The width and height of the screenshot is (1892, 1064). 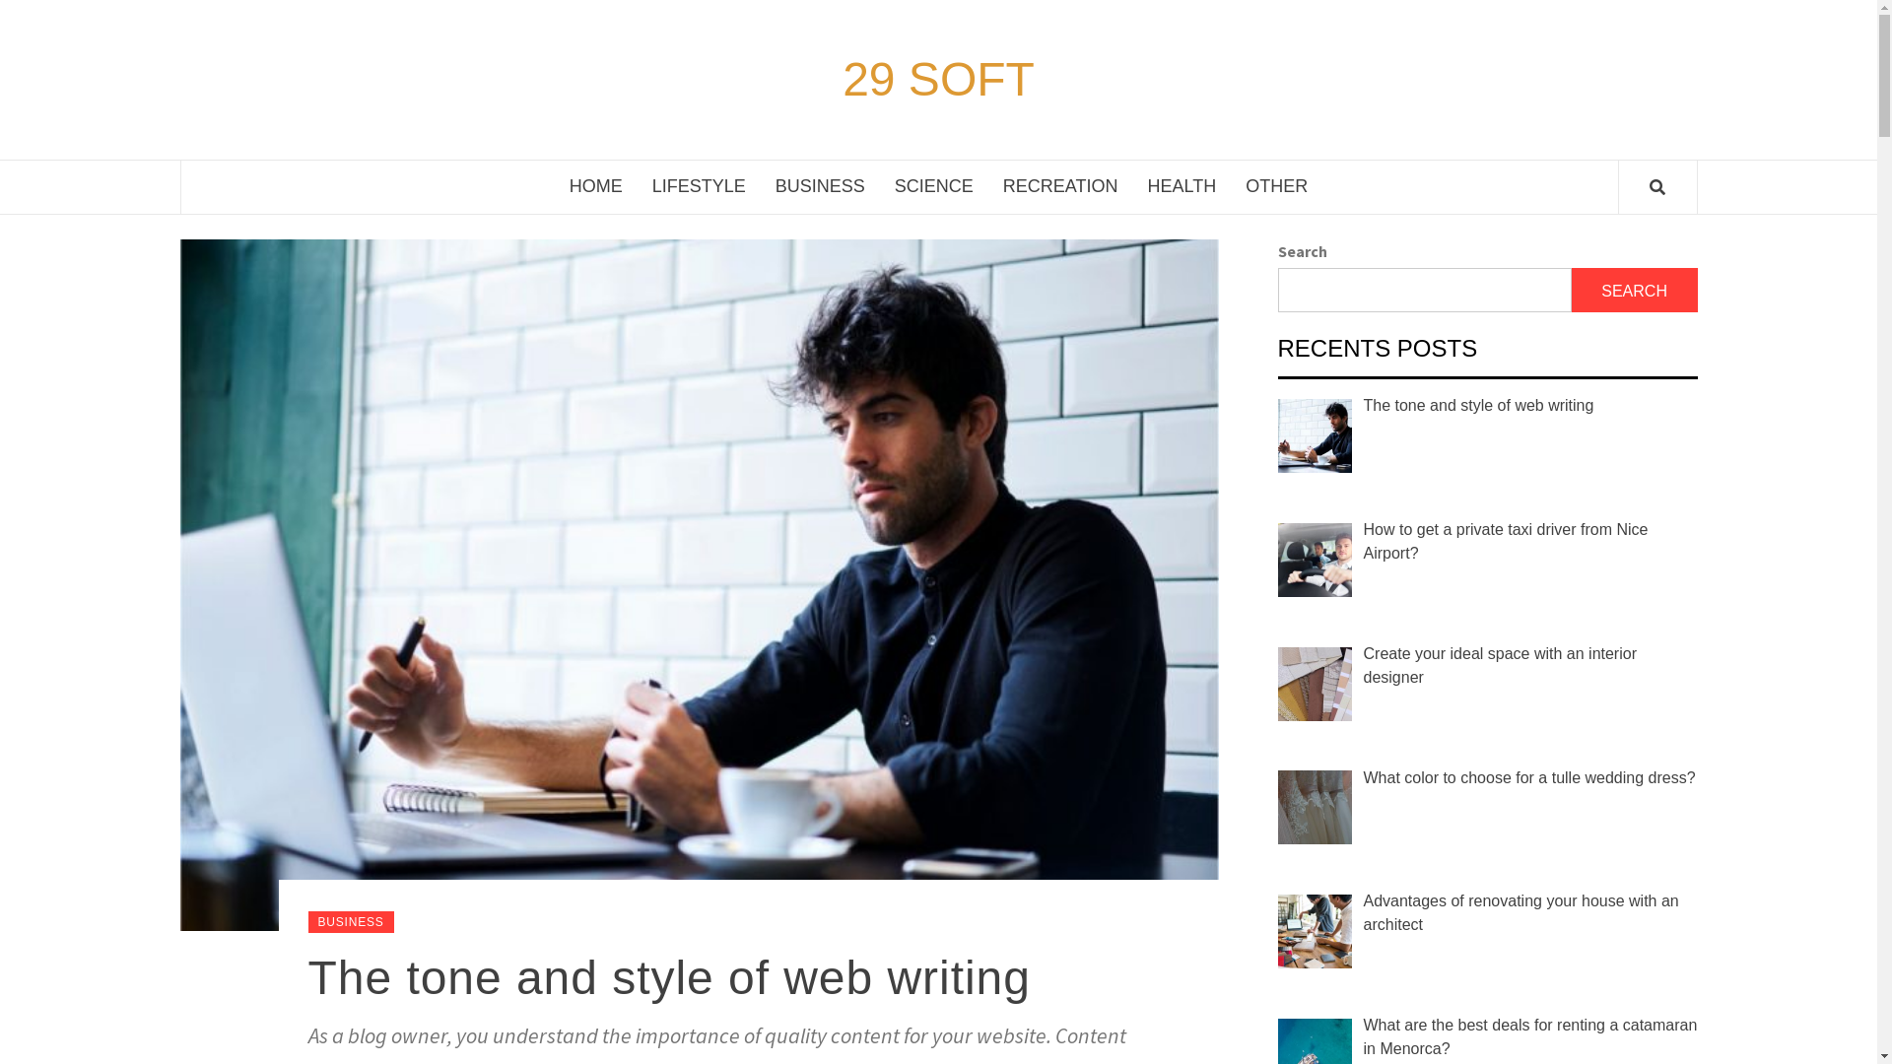 What do you see at coordinates (1520, 912) in the screenshot?
I see `'Advantages of renovating your house with an architect'` at bounding box center [1520, 912].